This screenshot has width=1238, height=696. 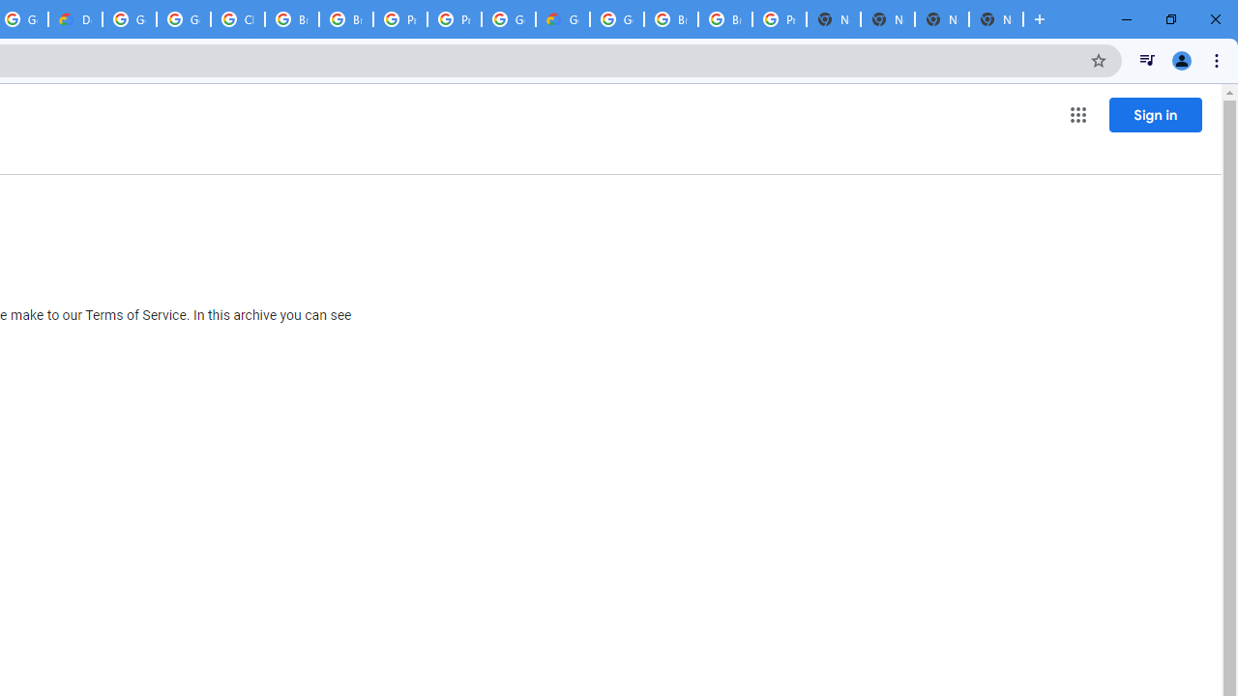 What do you see at coordinates (562, 19) in the screenshot?
I see `'Google Cloud Estimate Summary'` at bounding box center [562, 19].